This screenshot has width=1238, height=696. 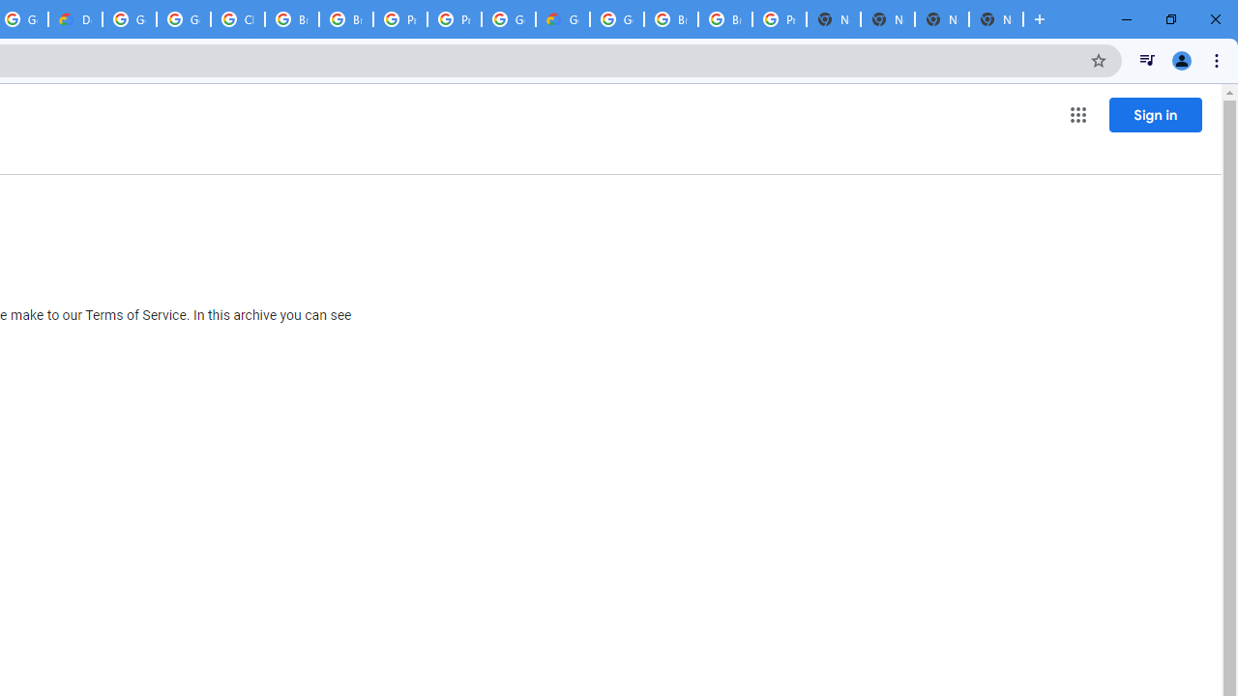 What do you see at coordinates (562, 19) in the screenshot?
I see `'Google Cloud Estimate Summary'` at bounding box center [562, 19].